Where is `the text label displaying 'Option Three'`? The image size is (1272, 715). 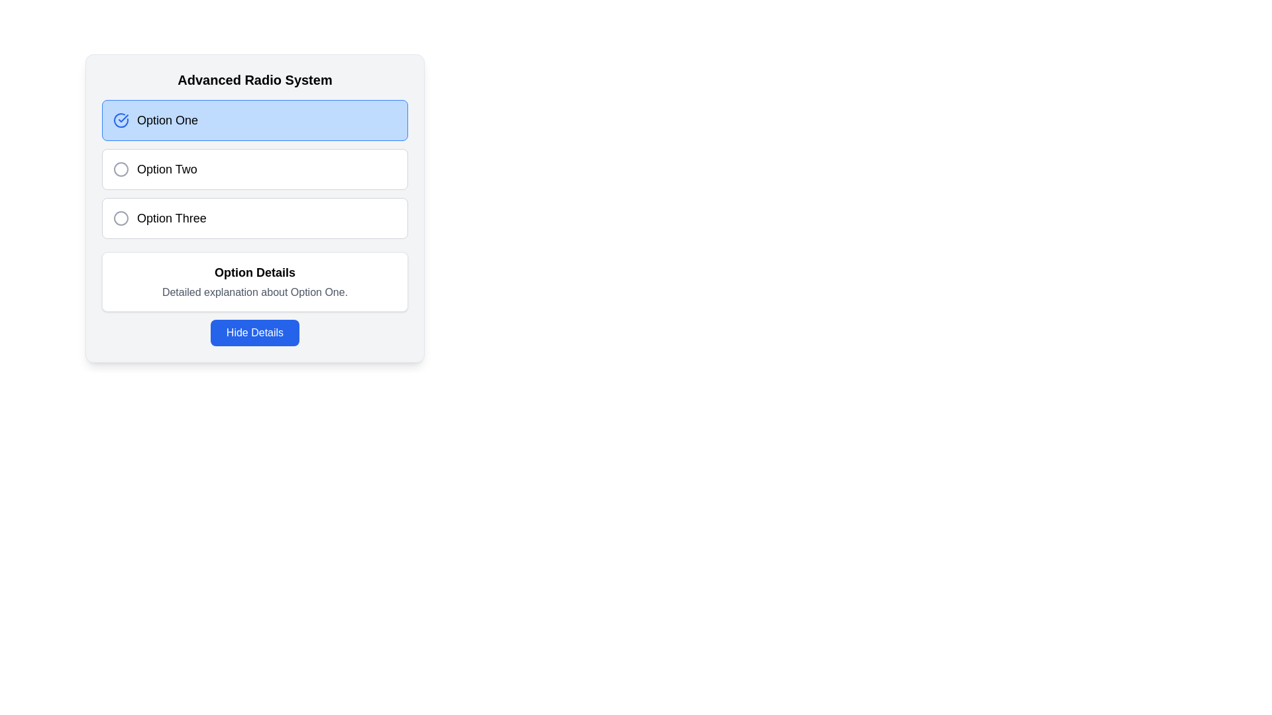
the text label displaying 'Option Three' is located at coordinates (171, 218).